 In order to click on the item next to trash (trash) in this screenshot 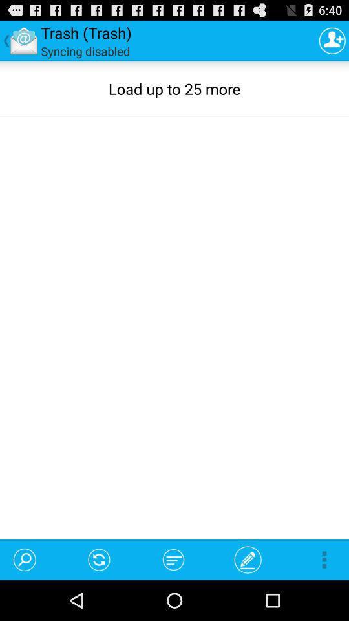, I will do `click(332, 40)`.